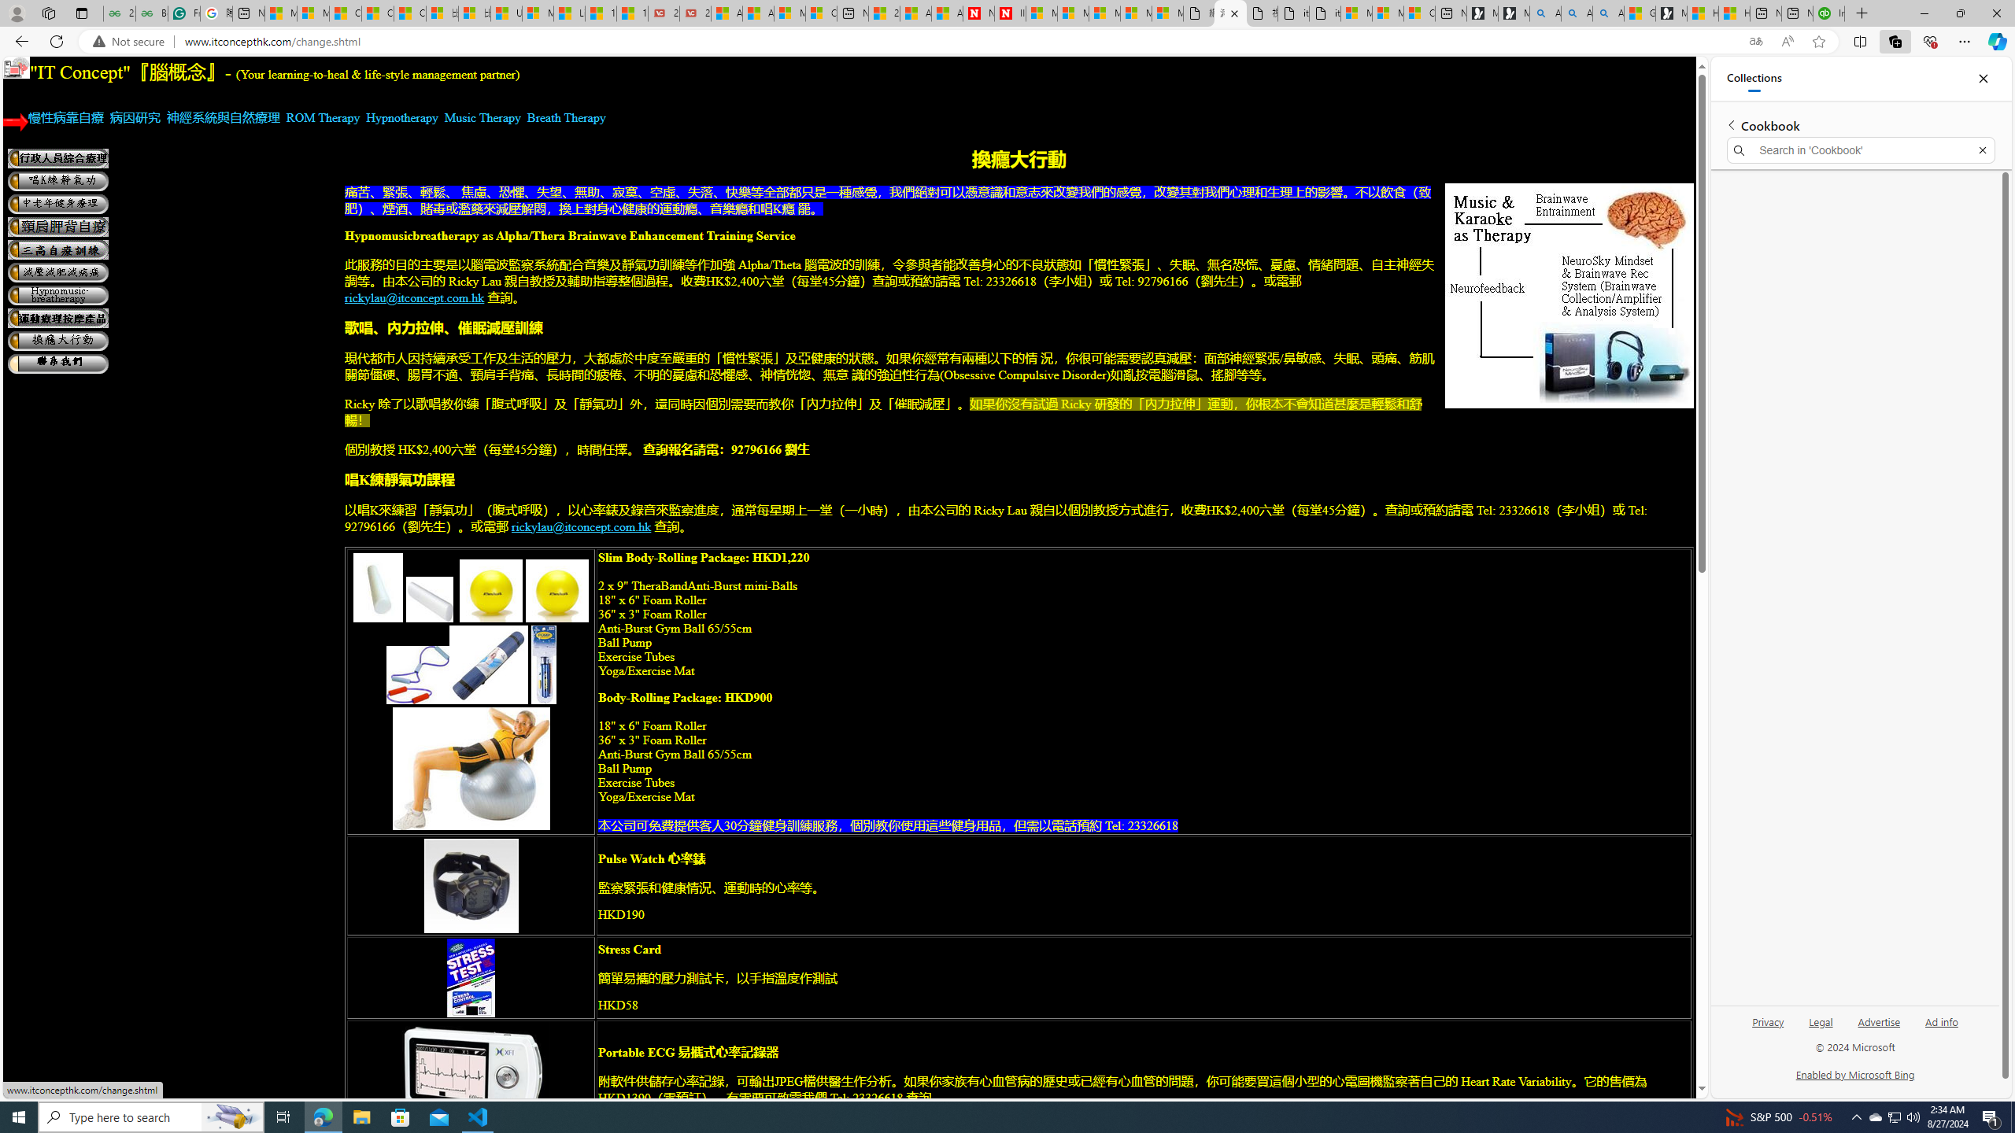 The height and width of the screenshot is (1133, 2015). I want to click on 'Advertise', so click(1880, 1027).